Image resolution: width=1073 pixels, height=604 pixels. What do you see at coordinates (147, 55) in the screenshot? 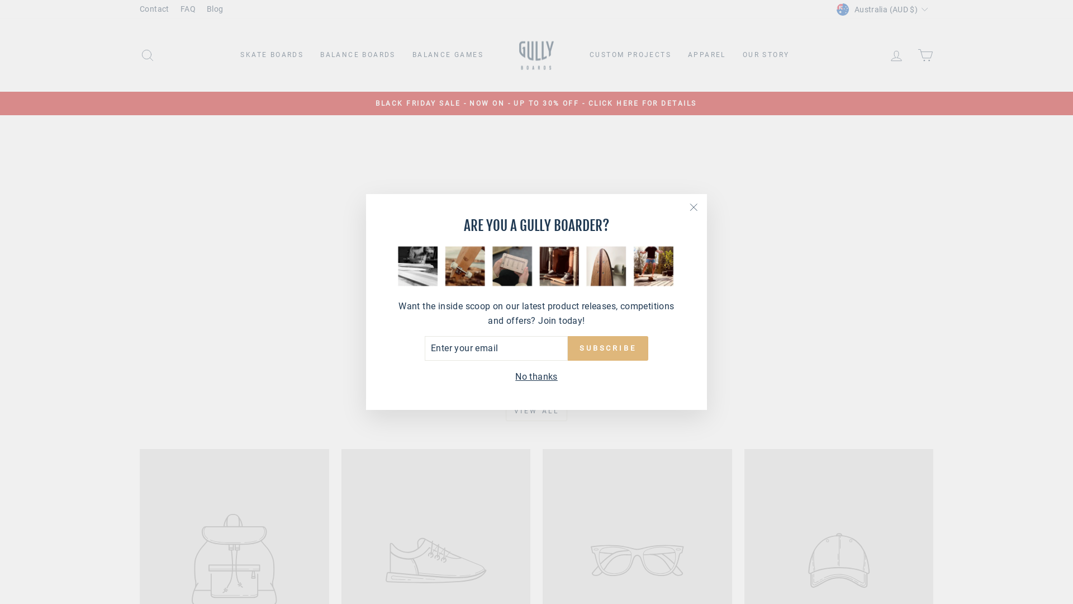
I see `'SEARCH'` at bounding box center [147, 55].